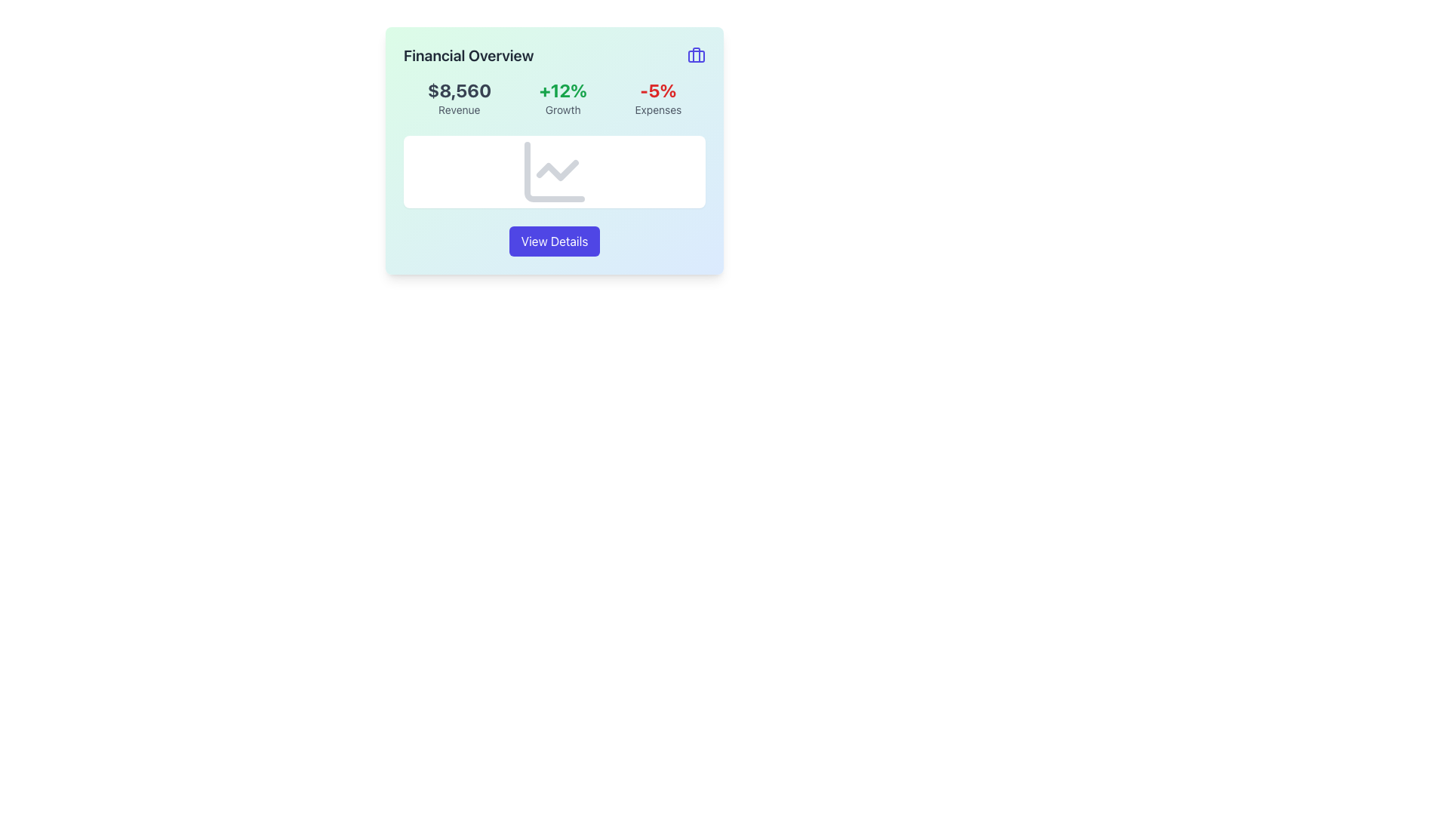 The width and height of the screenshot is (1449, 815). Describe the element at coordinates (553, 241) in the screenshot. I see `the rectangular button with a vibrant indigo background and white text that says 'View Details'` at that location.